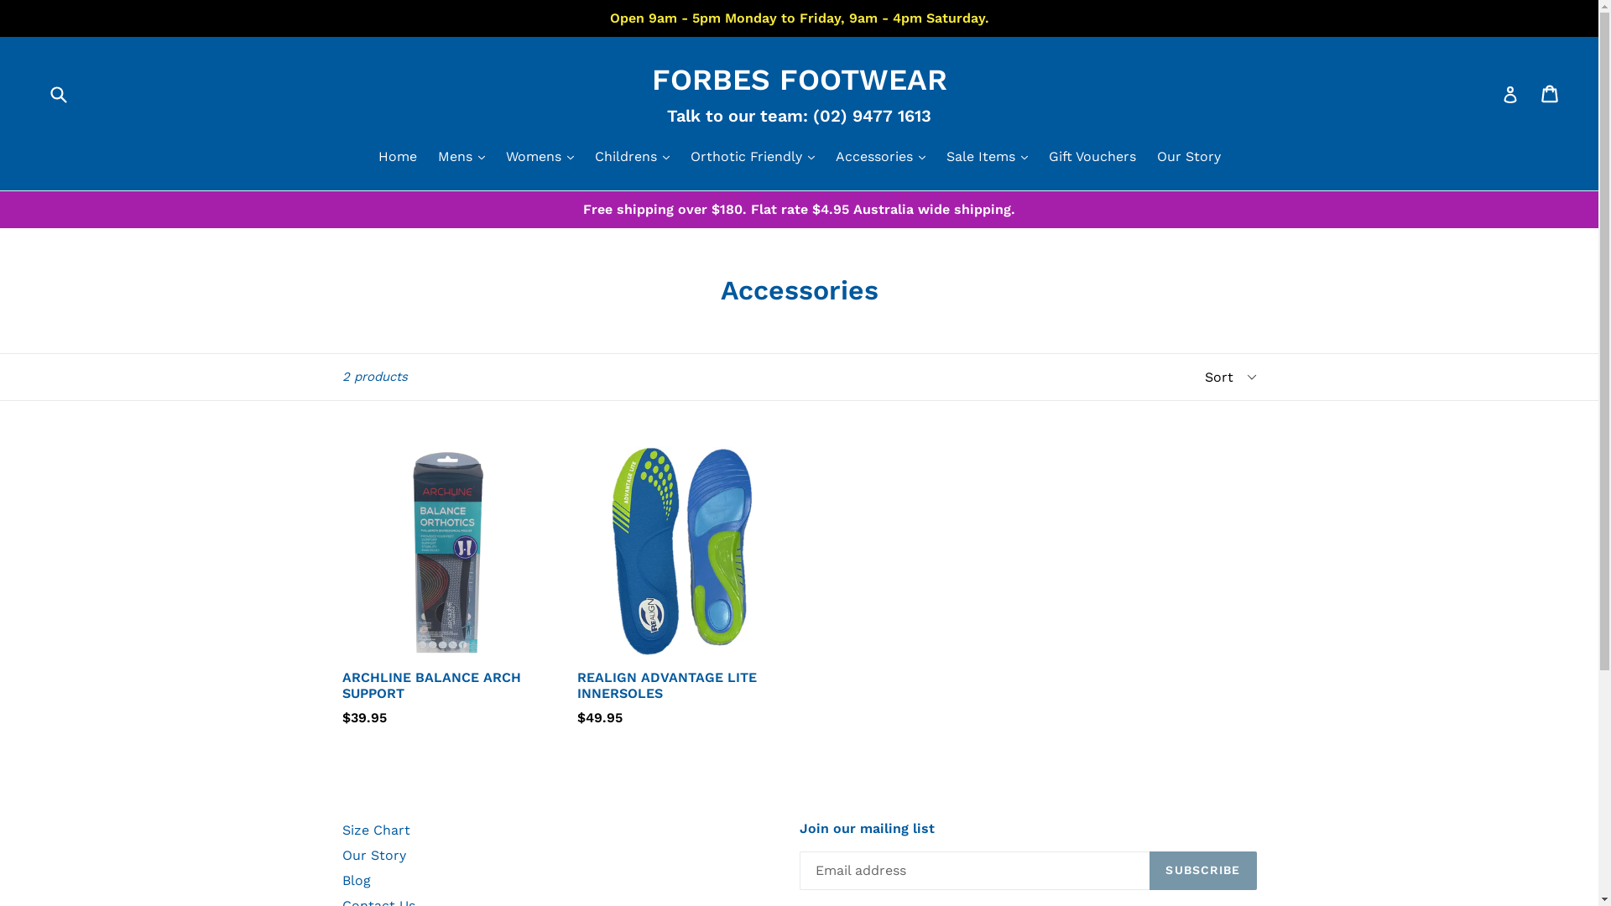 This screenshot has width=1611, height=906. Describe the element at coordinates (341, 586) in the screenshot. I see `'ARCHLINE BALANCE ARCH SUPPORT` at that location.